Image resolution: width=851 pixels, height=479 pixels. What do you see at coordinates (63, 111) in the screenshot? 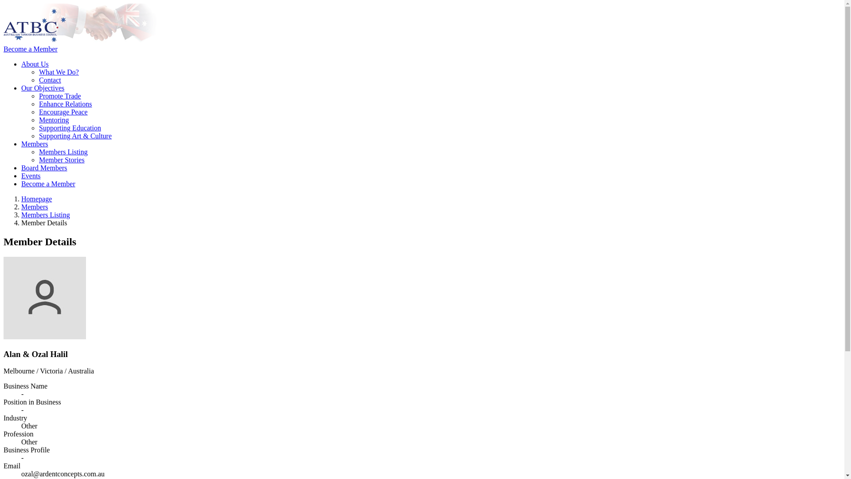
I see `'Encourage Peace'` at bounding box center [63, 111].